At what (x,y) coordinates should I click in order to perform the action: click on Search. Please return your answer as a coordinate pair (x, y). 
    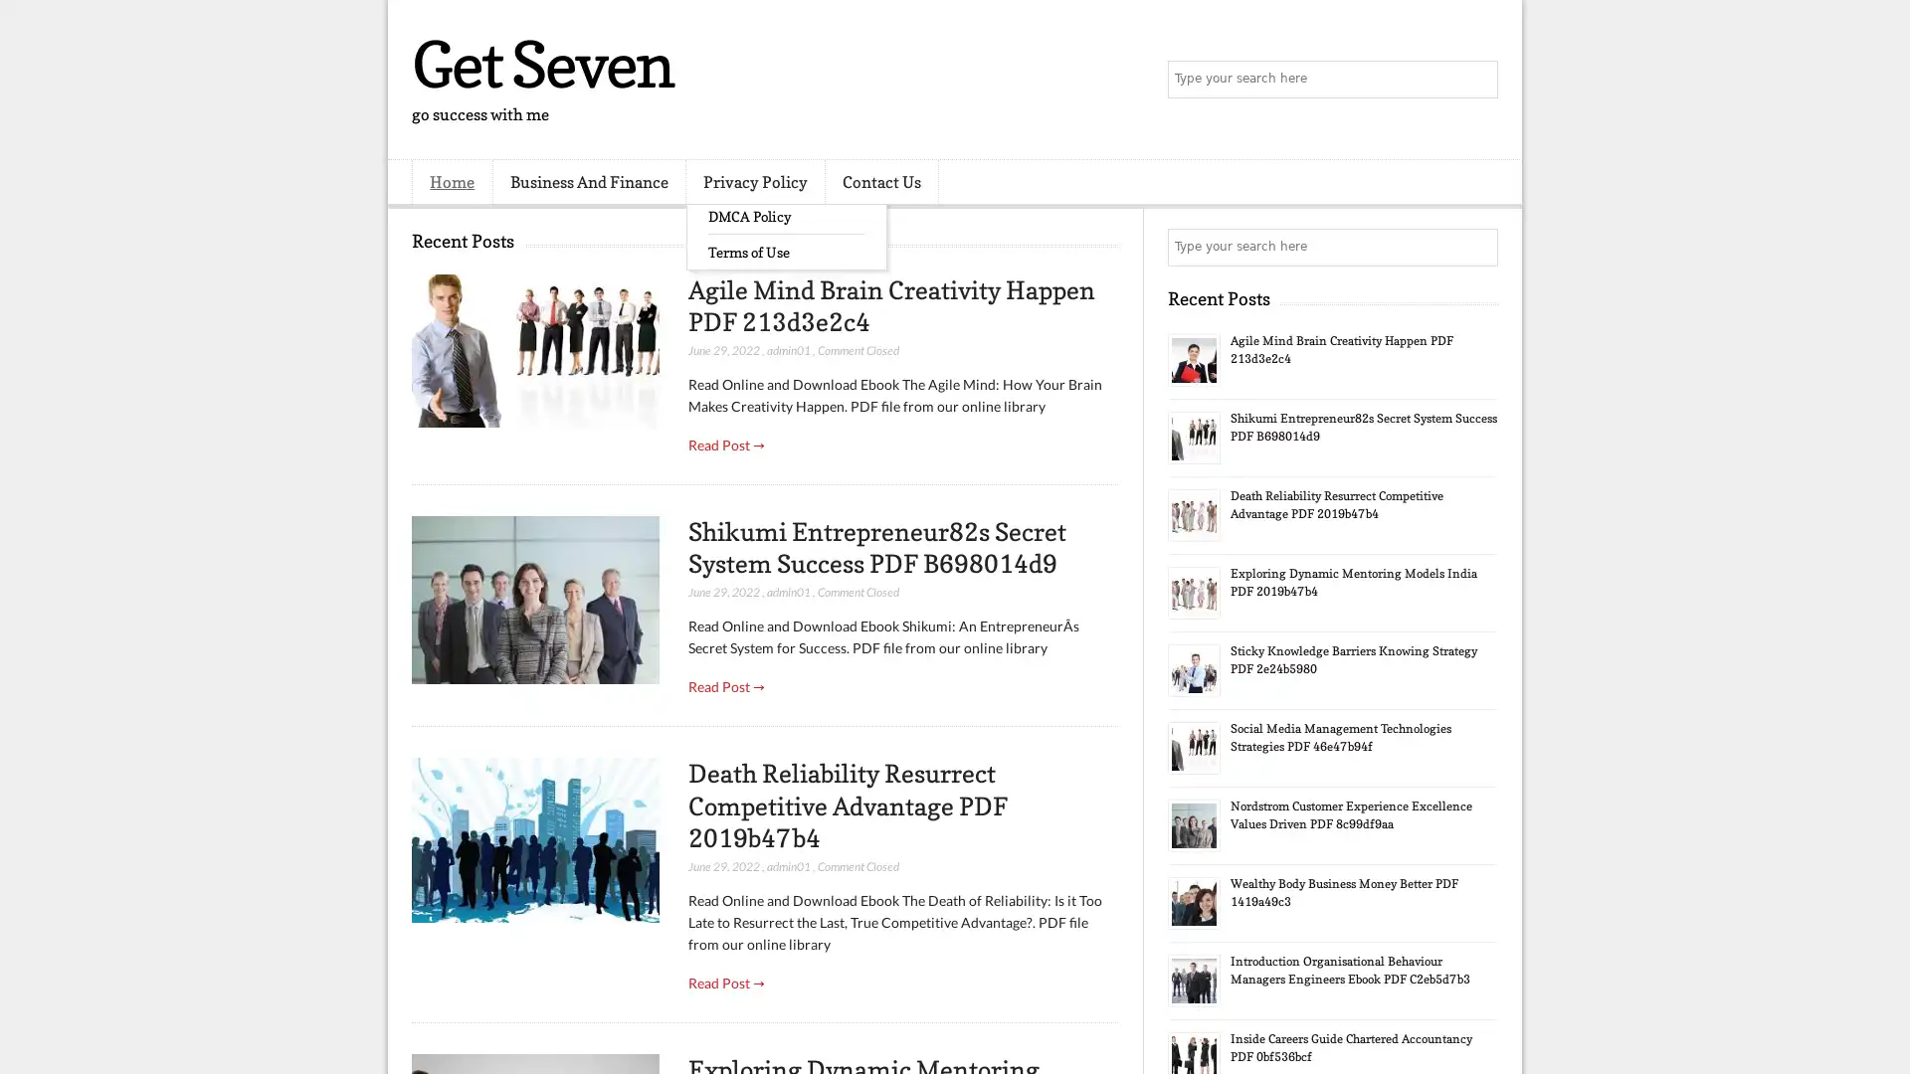
    Looking at the image, I should click on (1477, 247).